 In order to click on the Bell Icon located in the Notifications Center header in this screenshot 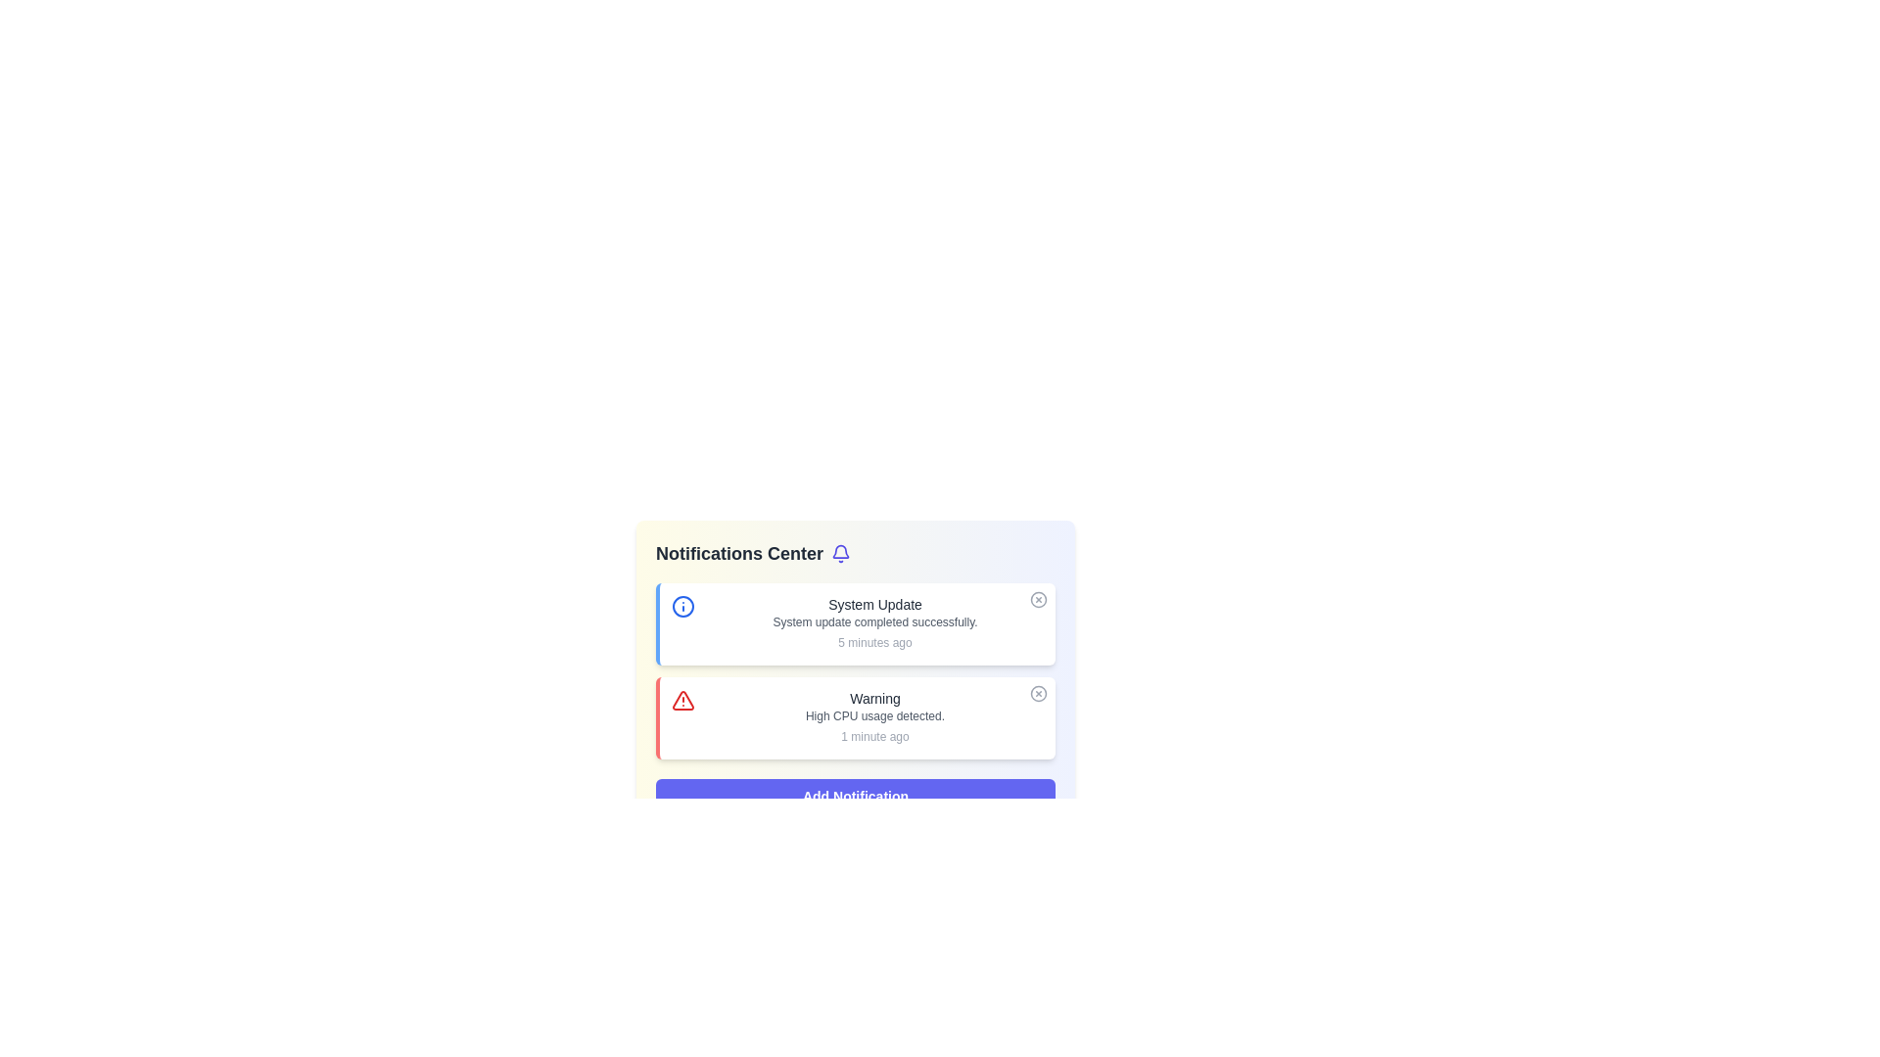, I will do `click(841, 554)`.